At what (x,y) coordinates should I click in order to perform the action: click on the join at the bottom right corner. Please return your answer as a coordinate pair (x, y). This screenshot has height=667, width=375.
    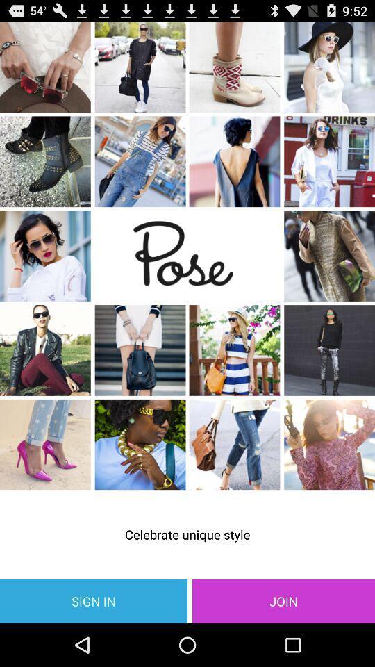
    Looking at the image, I should click on (283, 600).